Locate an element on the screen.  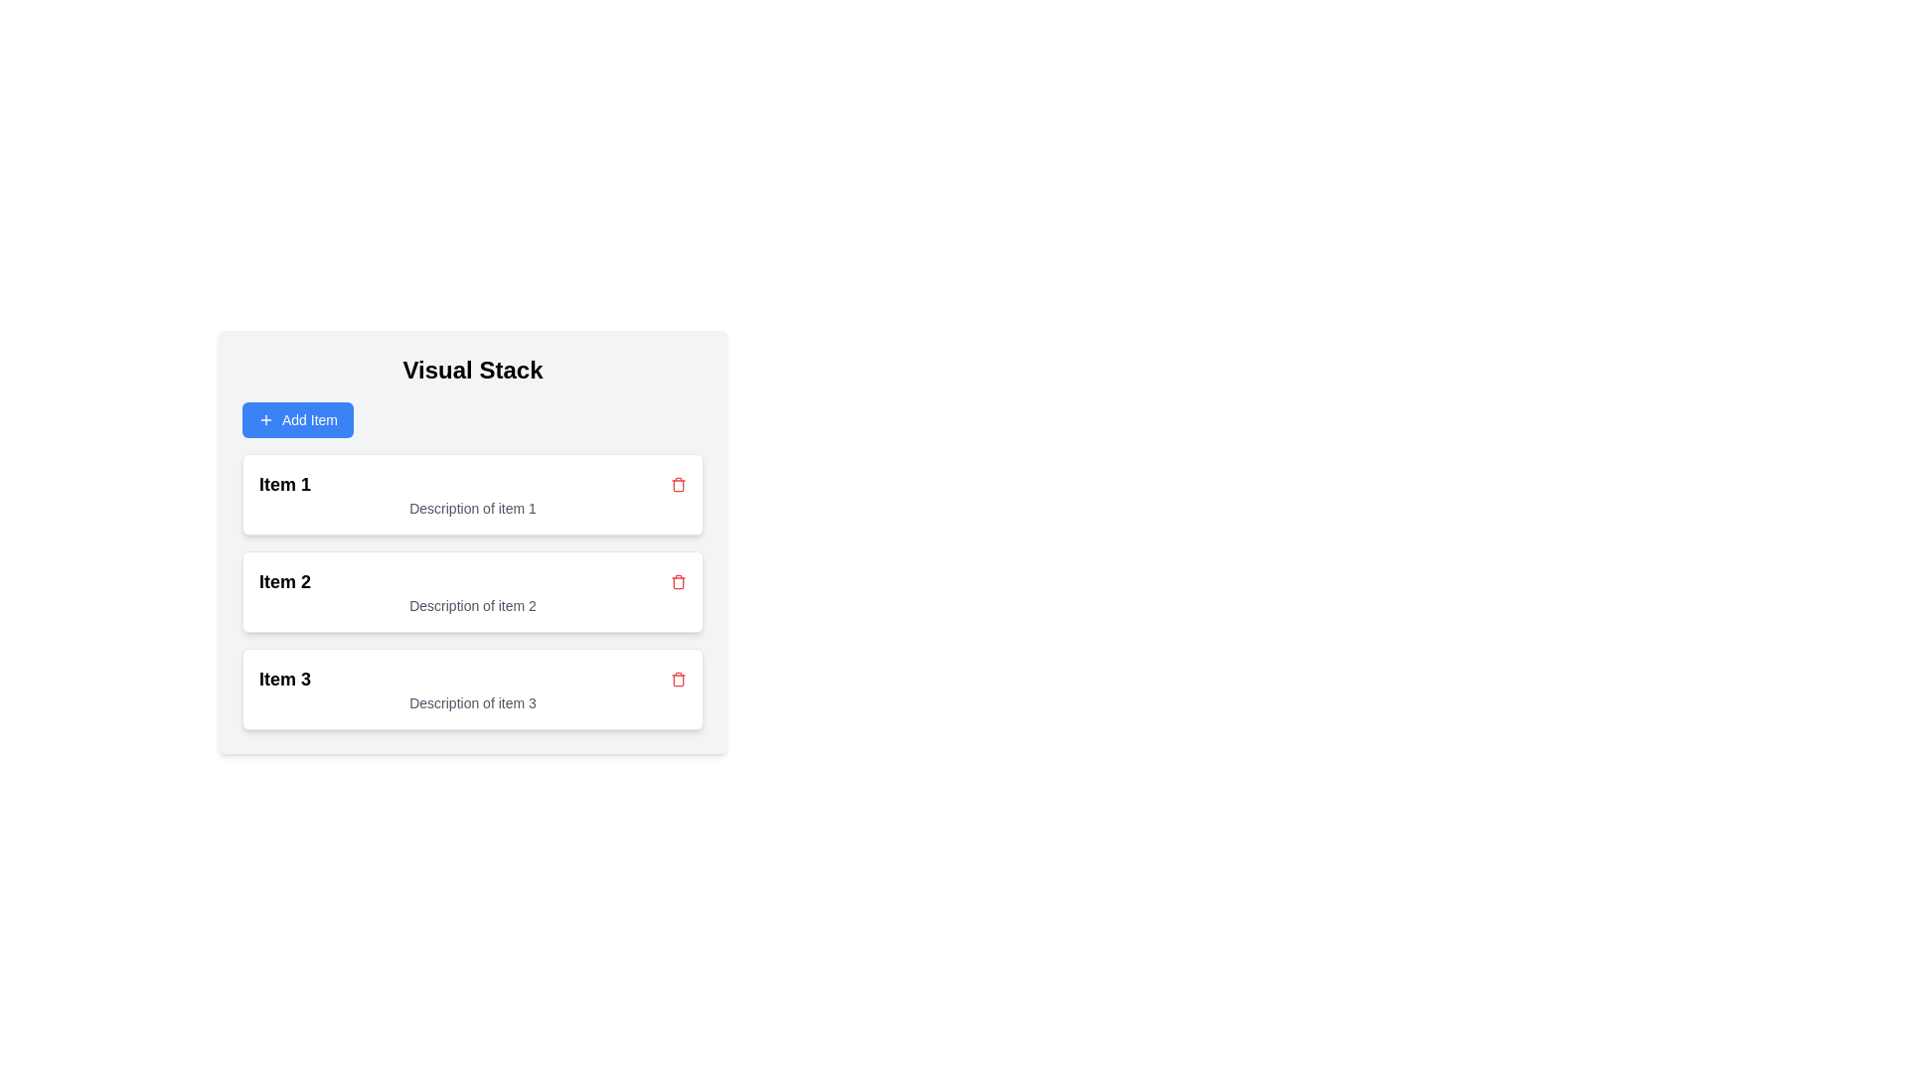
the delete icon button located on the right-hand side of 'Item 1' to initiate the delete operation is located at coordinates (678, 485).